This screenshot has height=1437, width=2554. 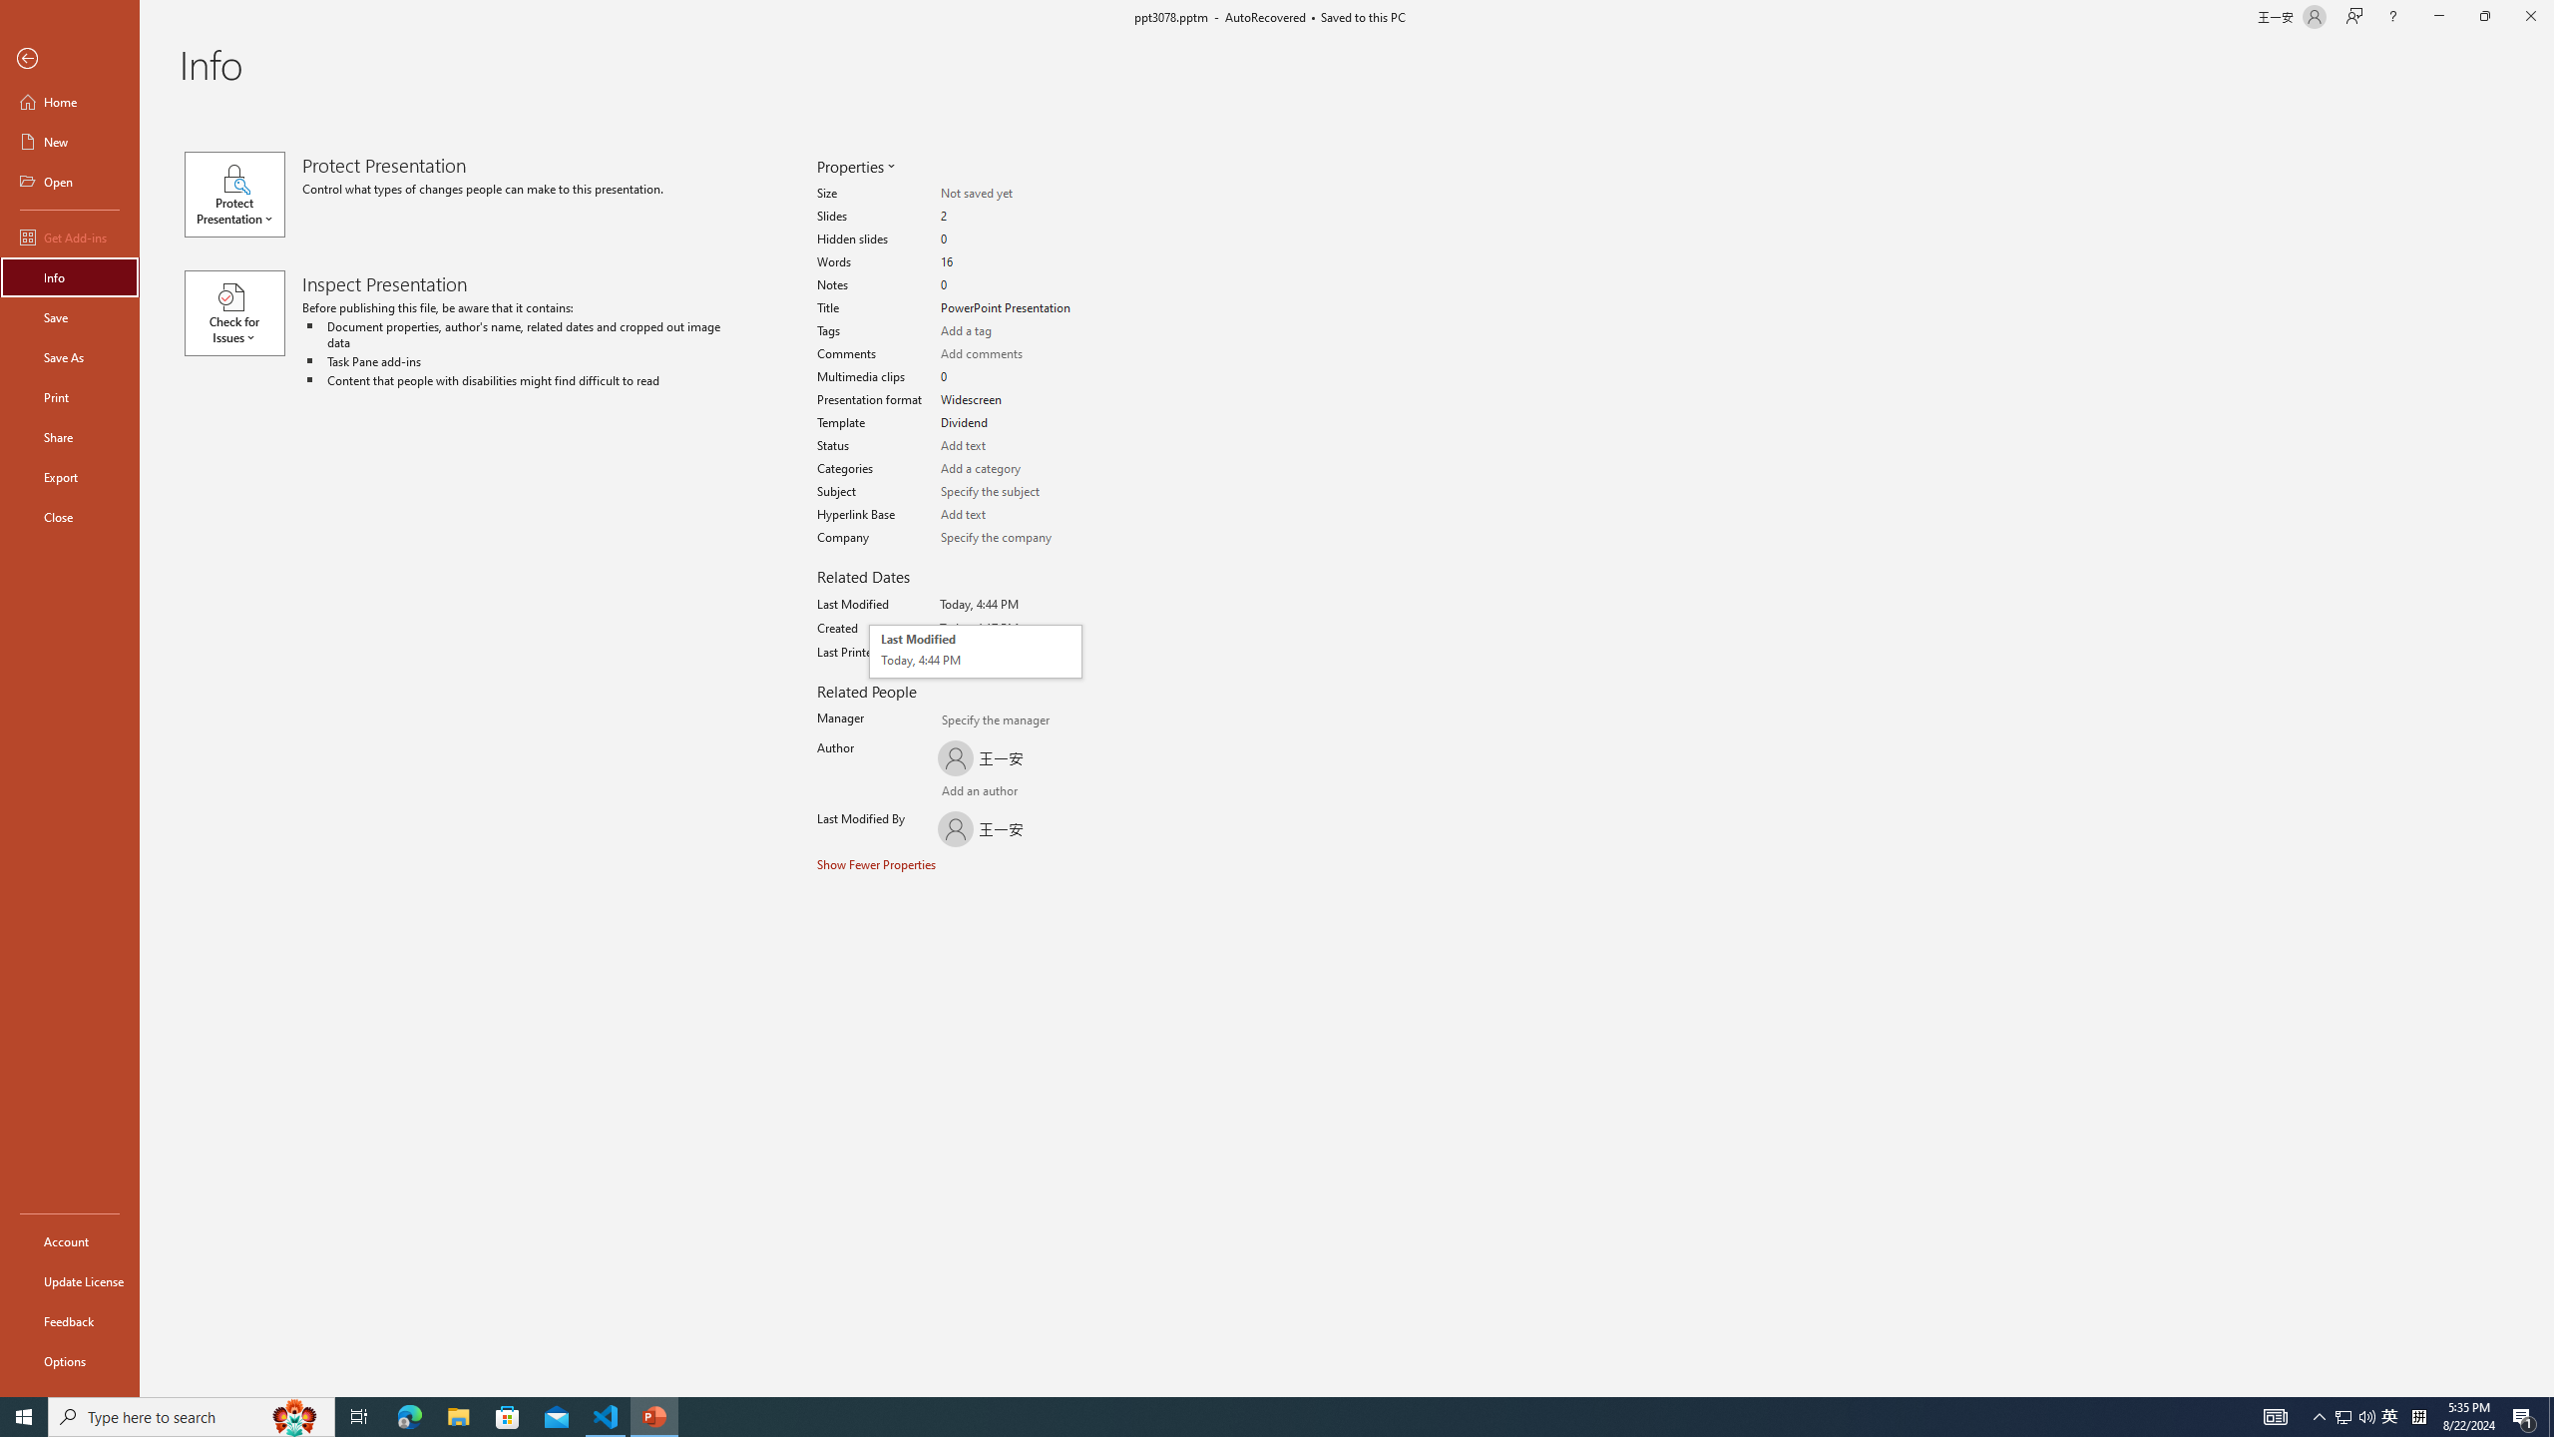 What do you see at coordinates (69, 1280) in the screenshot?
I see `'Update License'` at bounding box center [69, 1280].